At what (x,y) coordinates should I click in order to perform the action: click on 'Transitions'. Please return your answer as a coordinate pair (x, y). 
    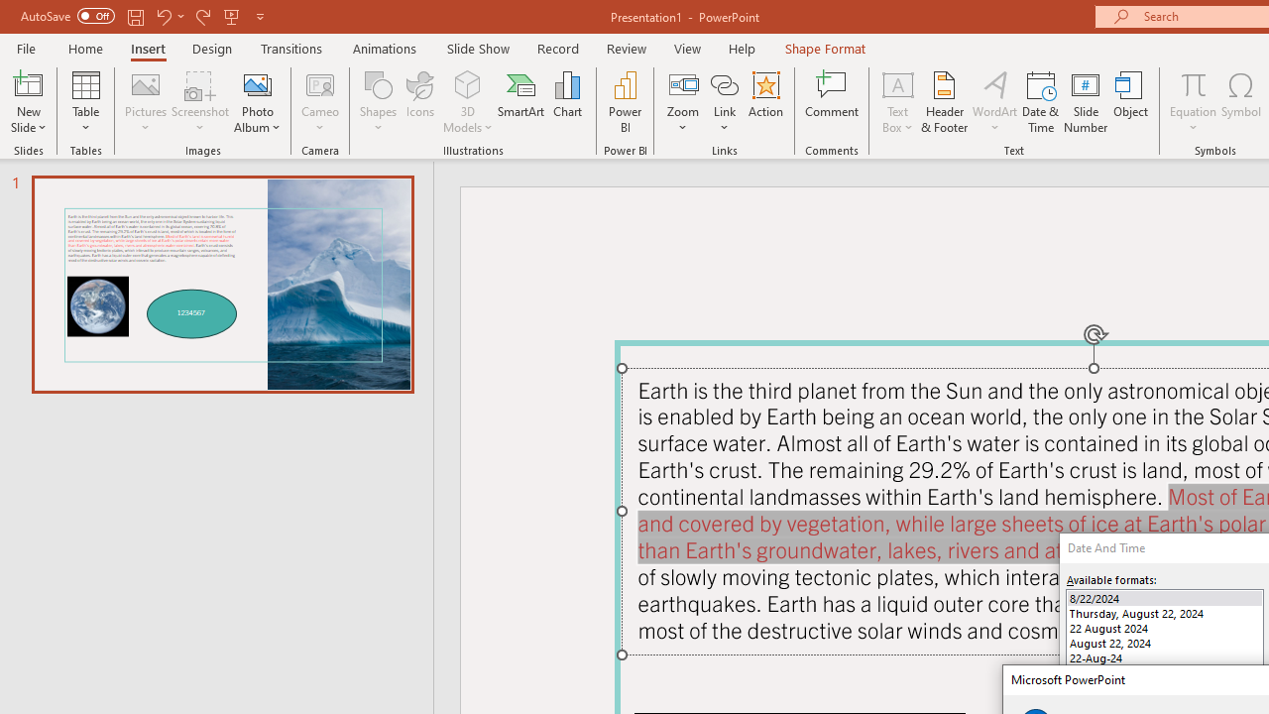
    Looking at the image, I should click on (291, 48).